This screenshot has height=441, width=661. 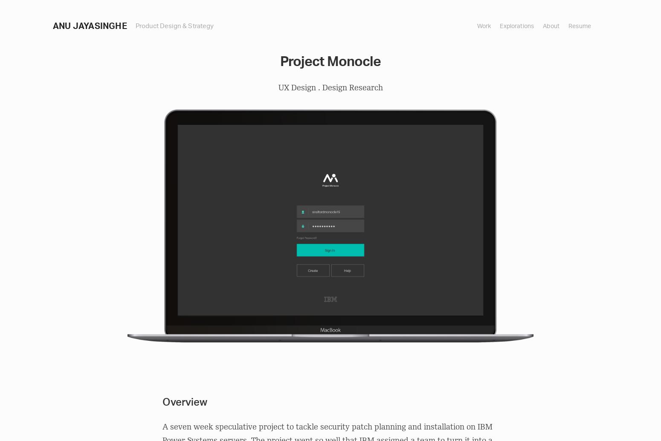 What do you see at coordinates (330, 87) in the screenshot?
I see `'UX Design . Design Research'` at bounding box center [330, 87].